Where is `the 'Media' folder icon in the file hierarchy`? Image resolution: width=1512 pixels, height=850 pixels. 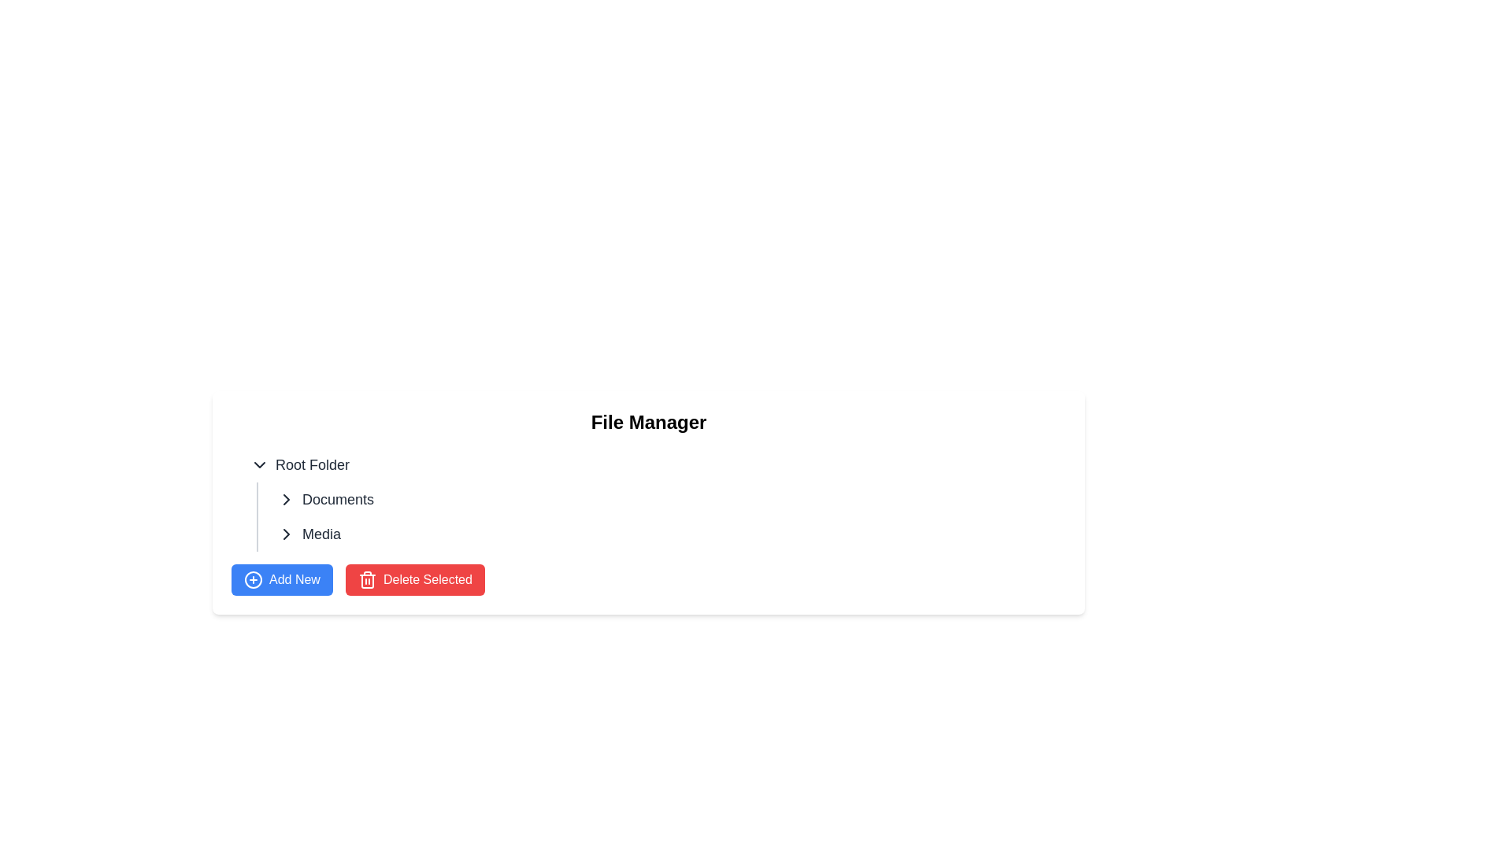
the 'Media' folder icon in the file hierarchy is located at coordinates (287, 533).